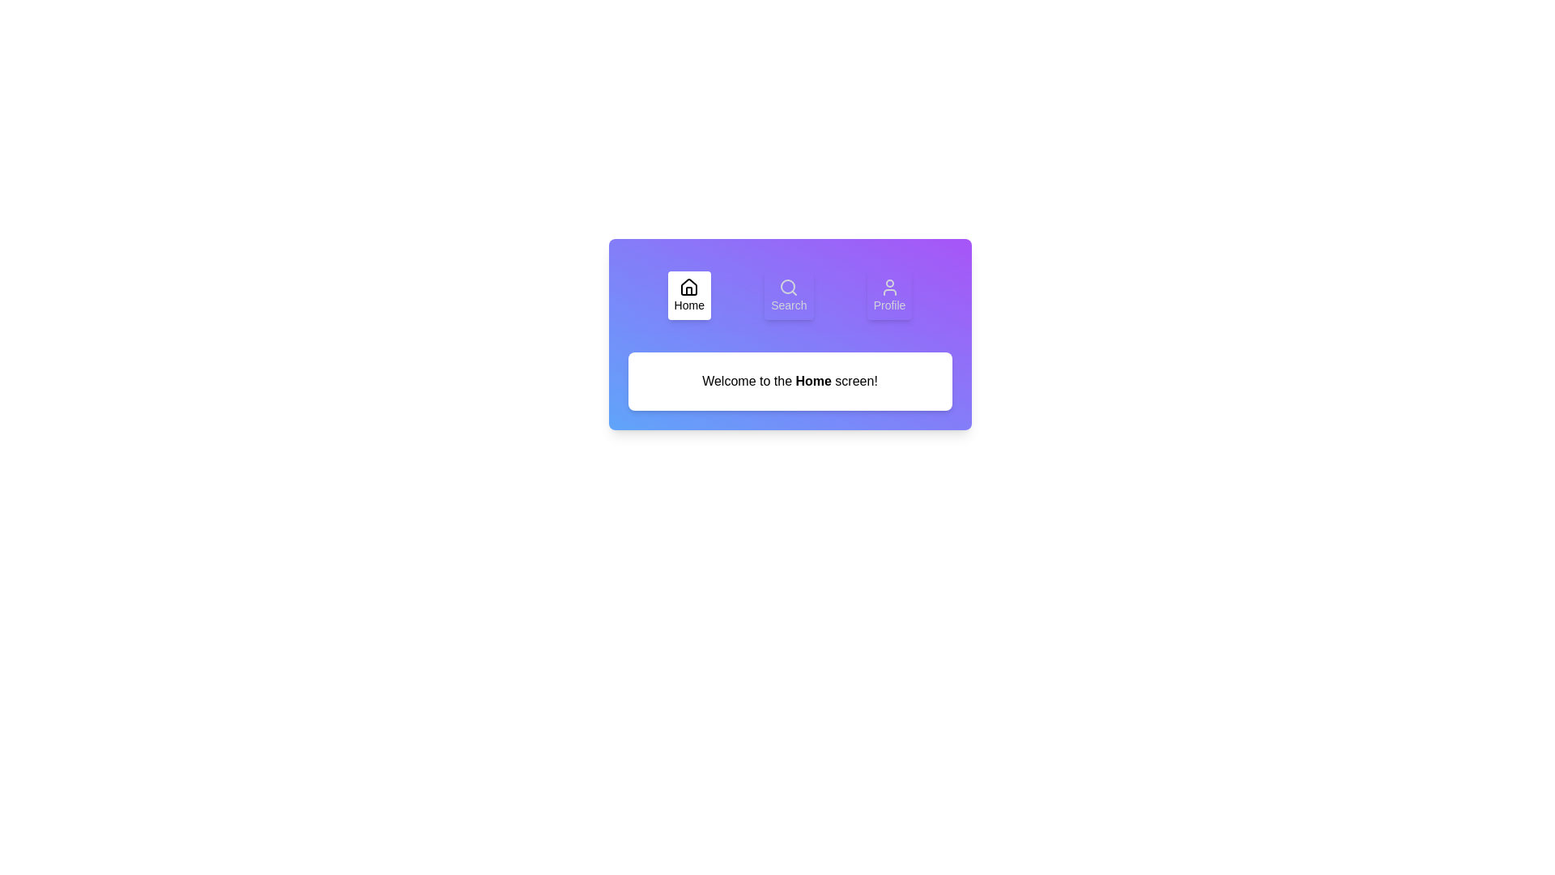  Describe the element at coordinates (788, 286) in the screenshot. I see `the circular element located at the center of the magnifying glass icon within the 'Search' button, which is the second button in a row of three at the top-center of the user interface` at that location.